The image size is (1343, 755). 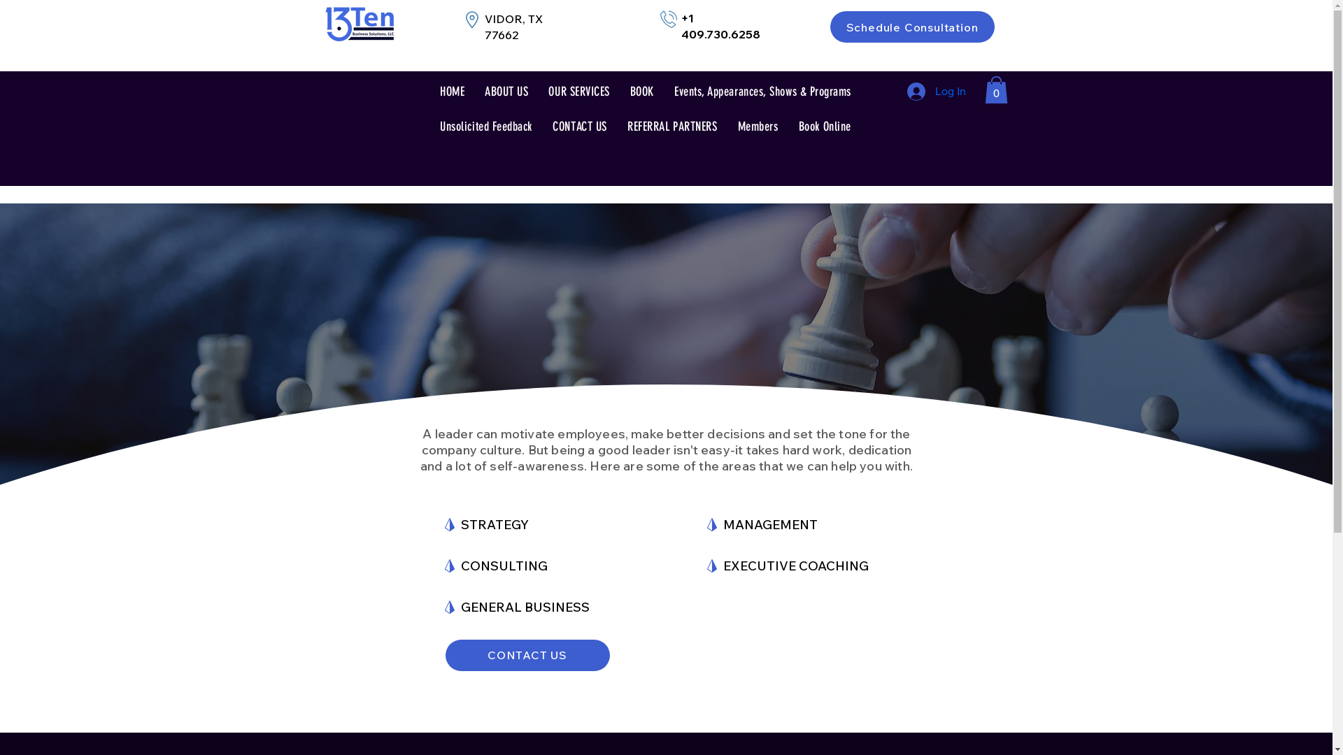 What do you see at coordinates (936, 92) in the screenshot?
I see `'Log In'` at bounding box center [936, 92].